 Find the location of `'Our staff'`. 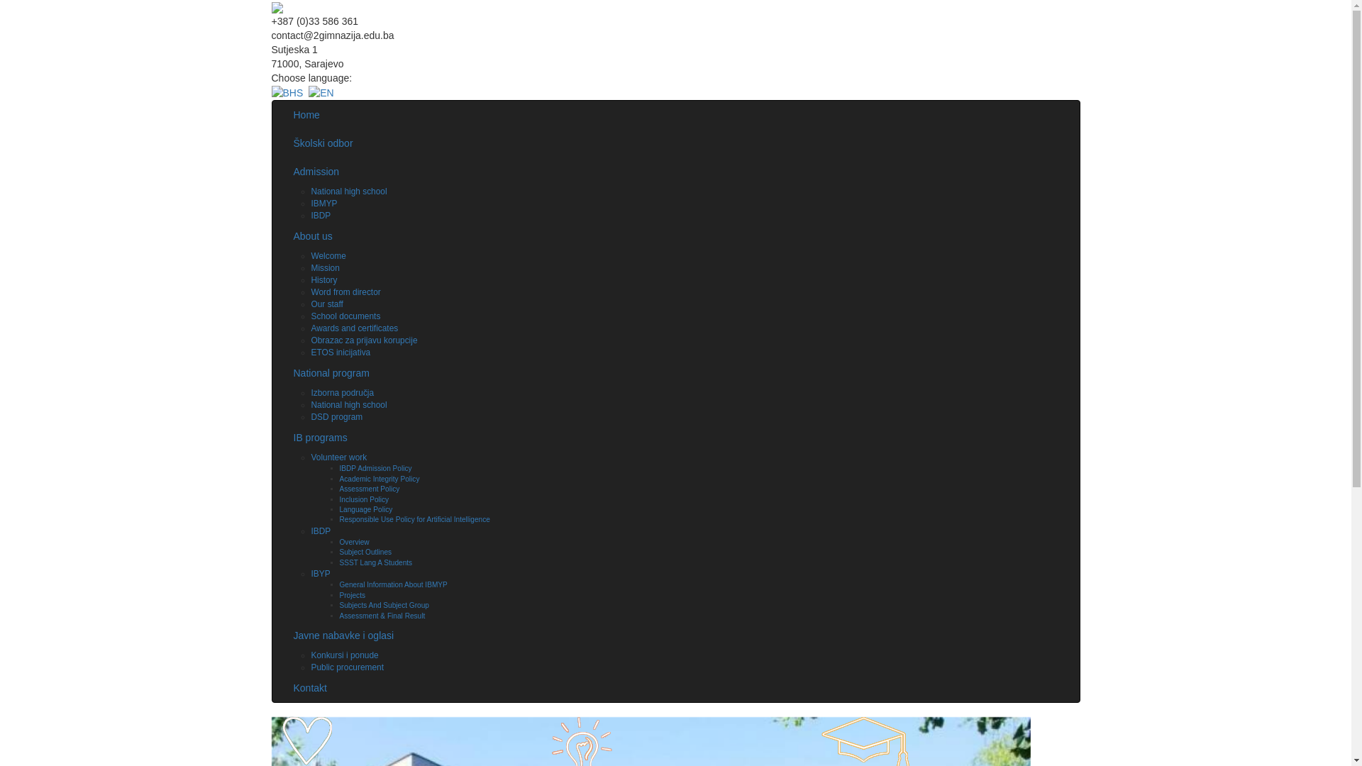

'Our staff' is located at coordinates (326, 303).